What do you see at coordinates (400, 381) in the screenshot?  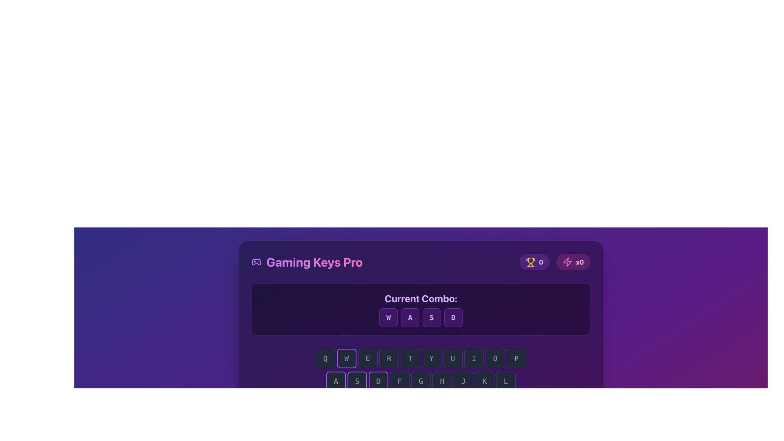 I see `the 'F' key button in the virtual keyboard interface` at bounding box center [400, 381].